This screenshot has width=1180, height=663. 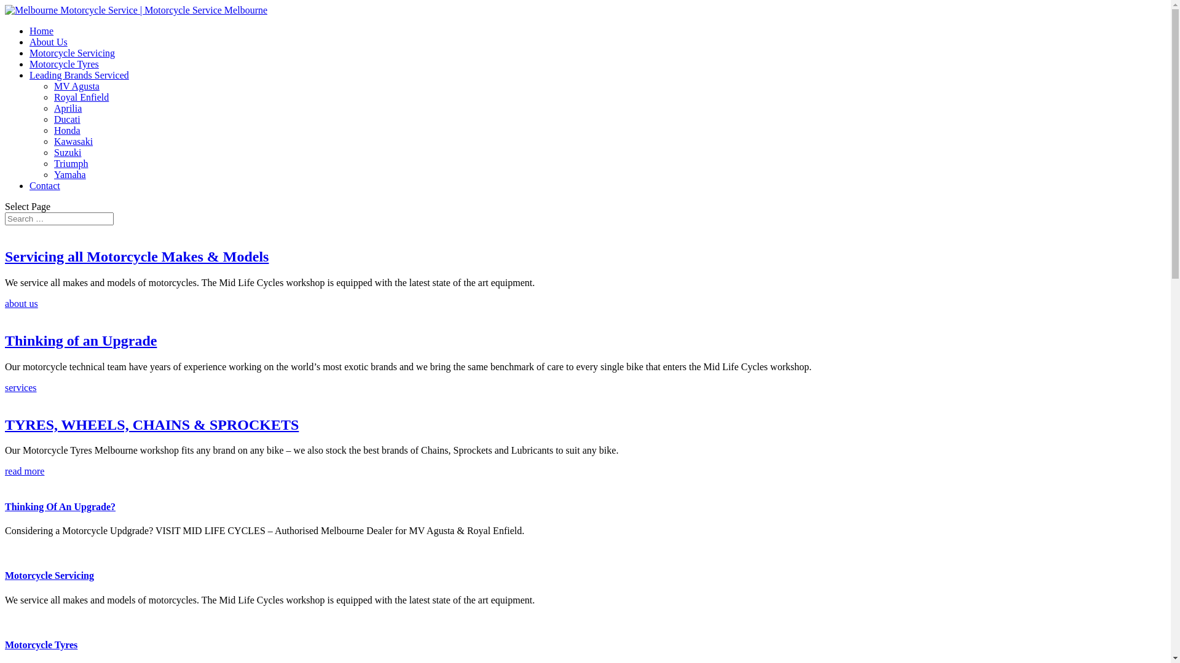 What do you see at coordinates (48, 41) in the screenshot?
I see `'About Us'` at bounding box center [48, 41].